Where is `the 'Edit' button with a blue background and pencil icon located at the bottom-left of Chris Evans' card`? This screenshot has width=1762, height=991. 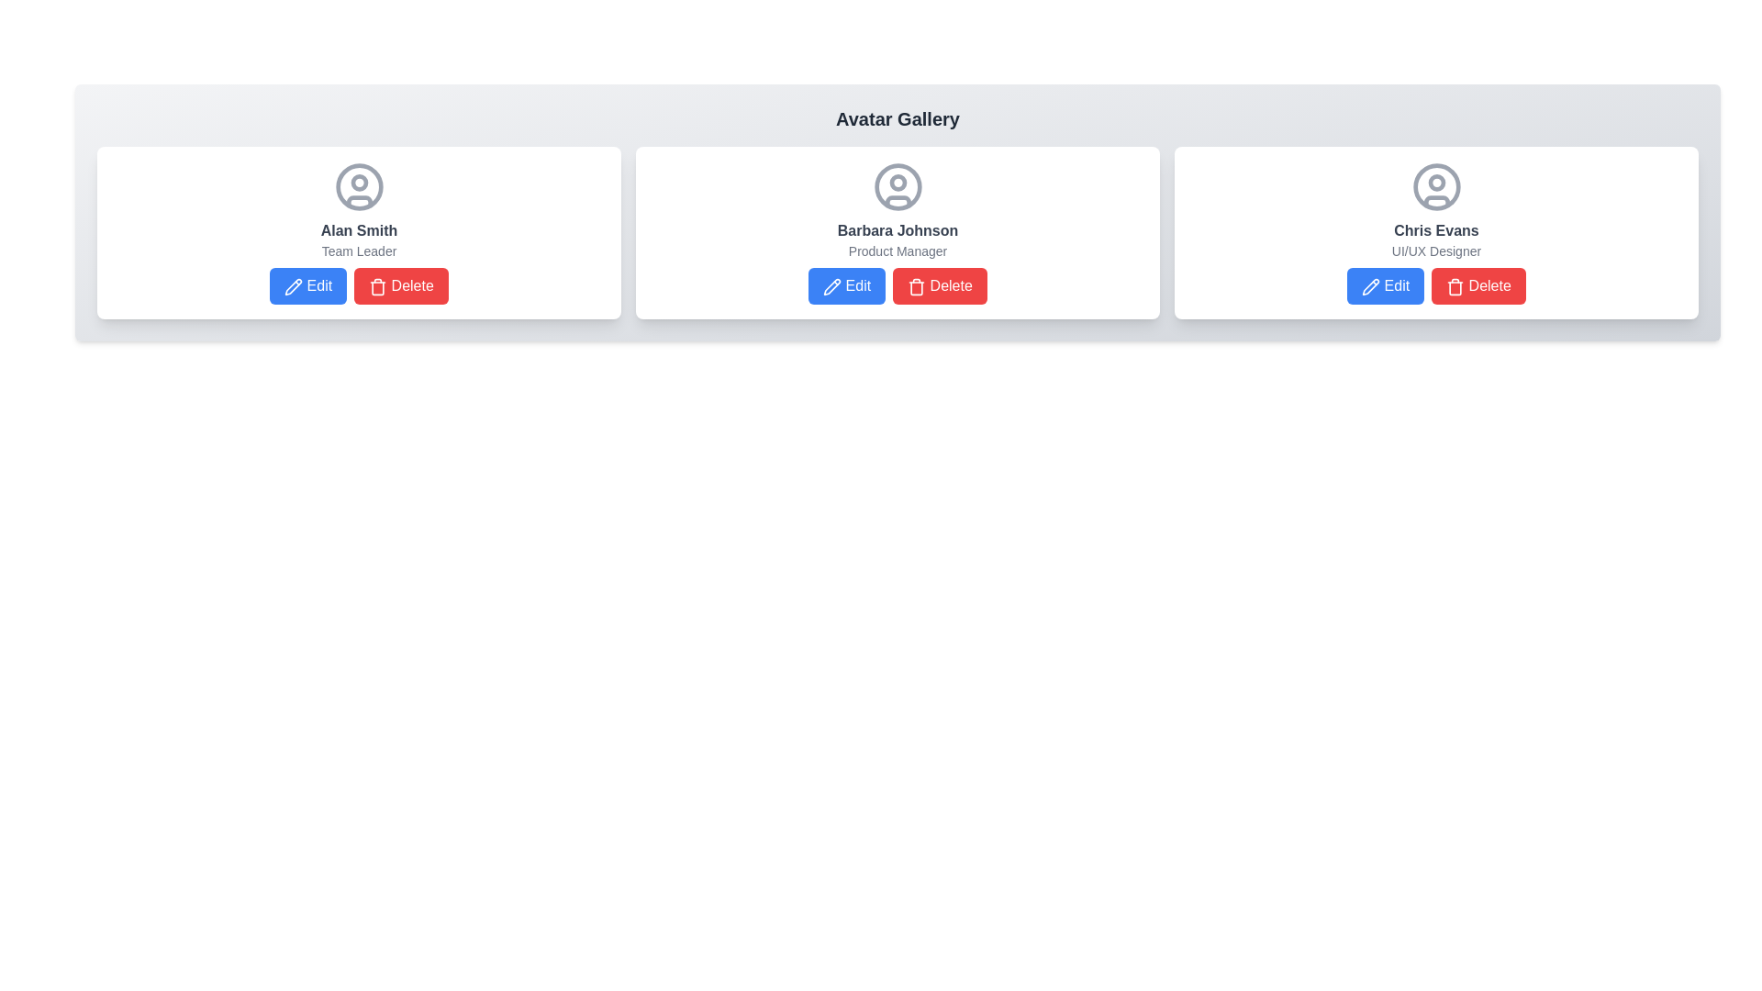
the 'Edit' button with a blue background and pencil icon located at the bottom-left of Chris Evans' card is located at coordinates (1386, 286).